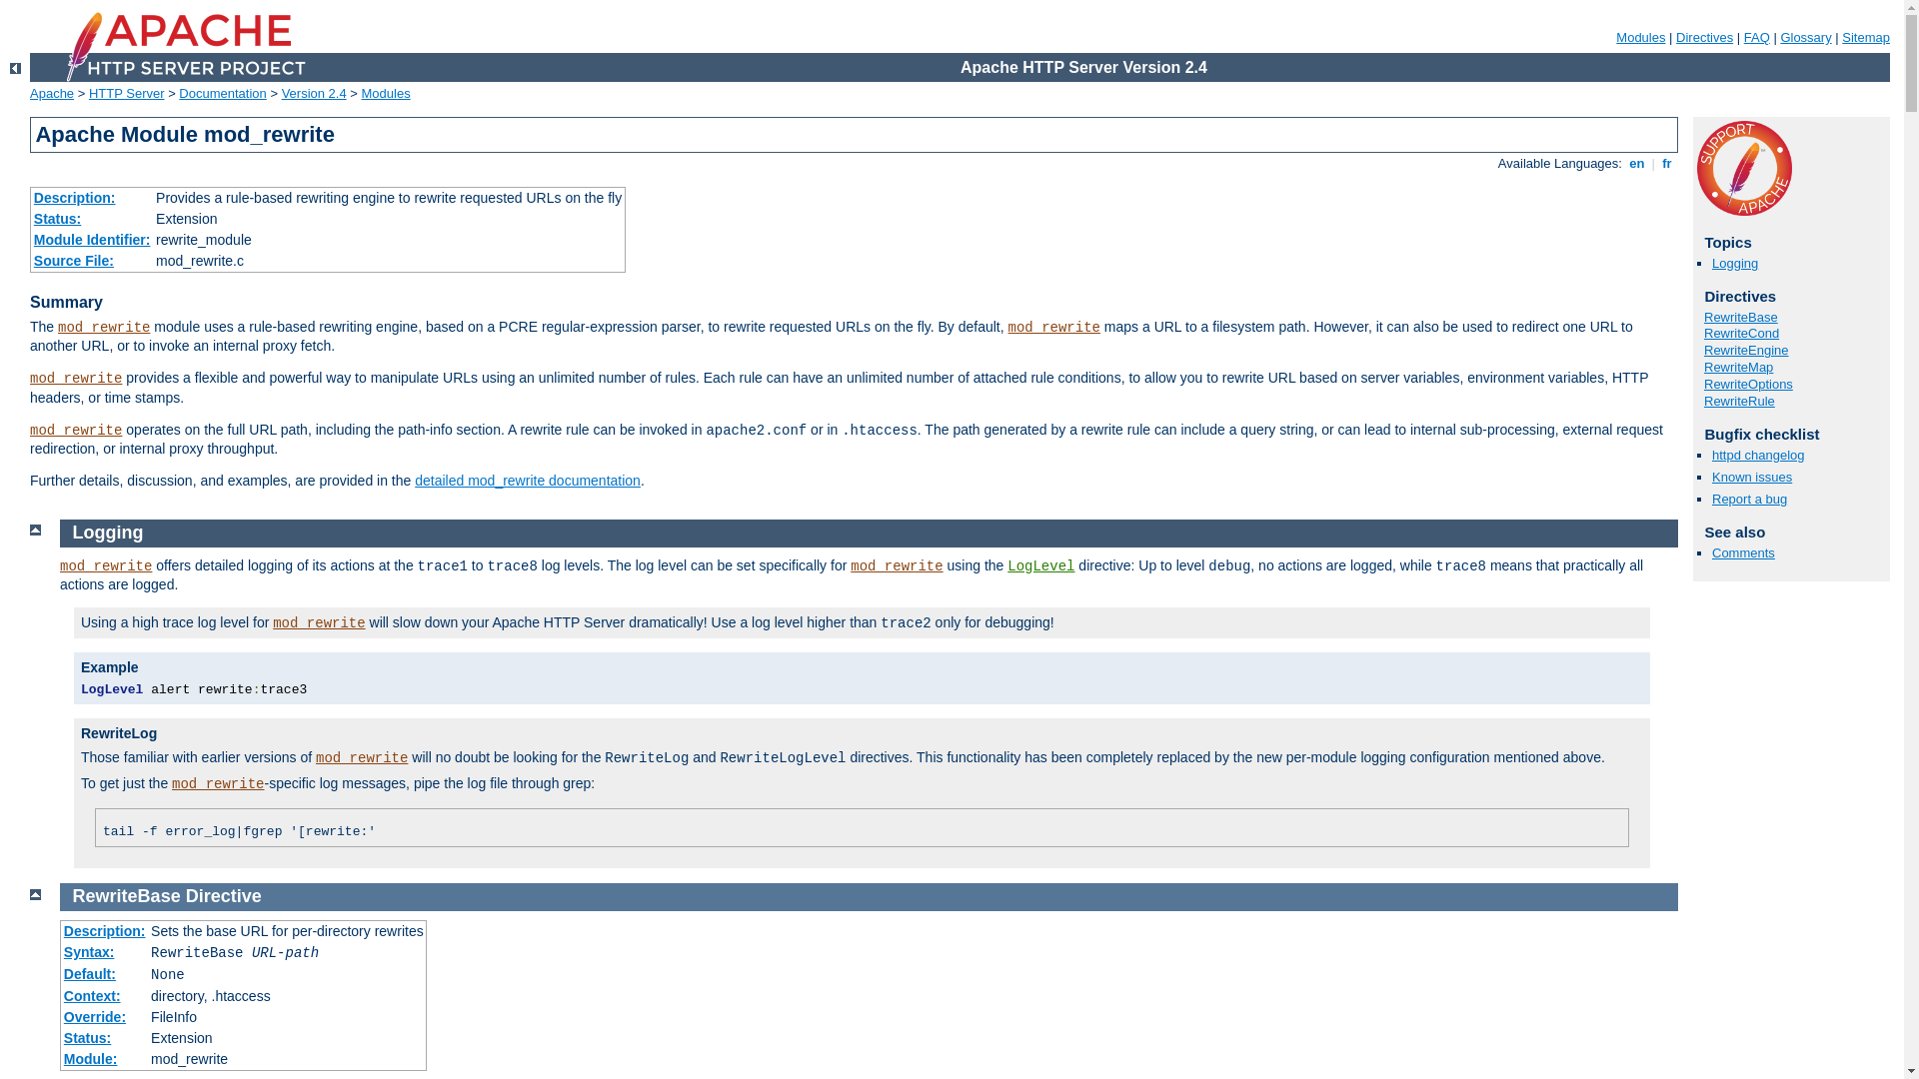 This screenshot has height=1079, width=1919. Describe the element at coordinates (1841, 37) in the screenshot. I see `'Sitemap'` at that location.